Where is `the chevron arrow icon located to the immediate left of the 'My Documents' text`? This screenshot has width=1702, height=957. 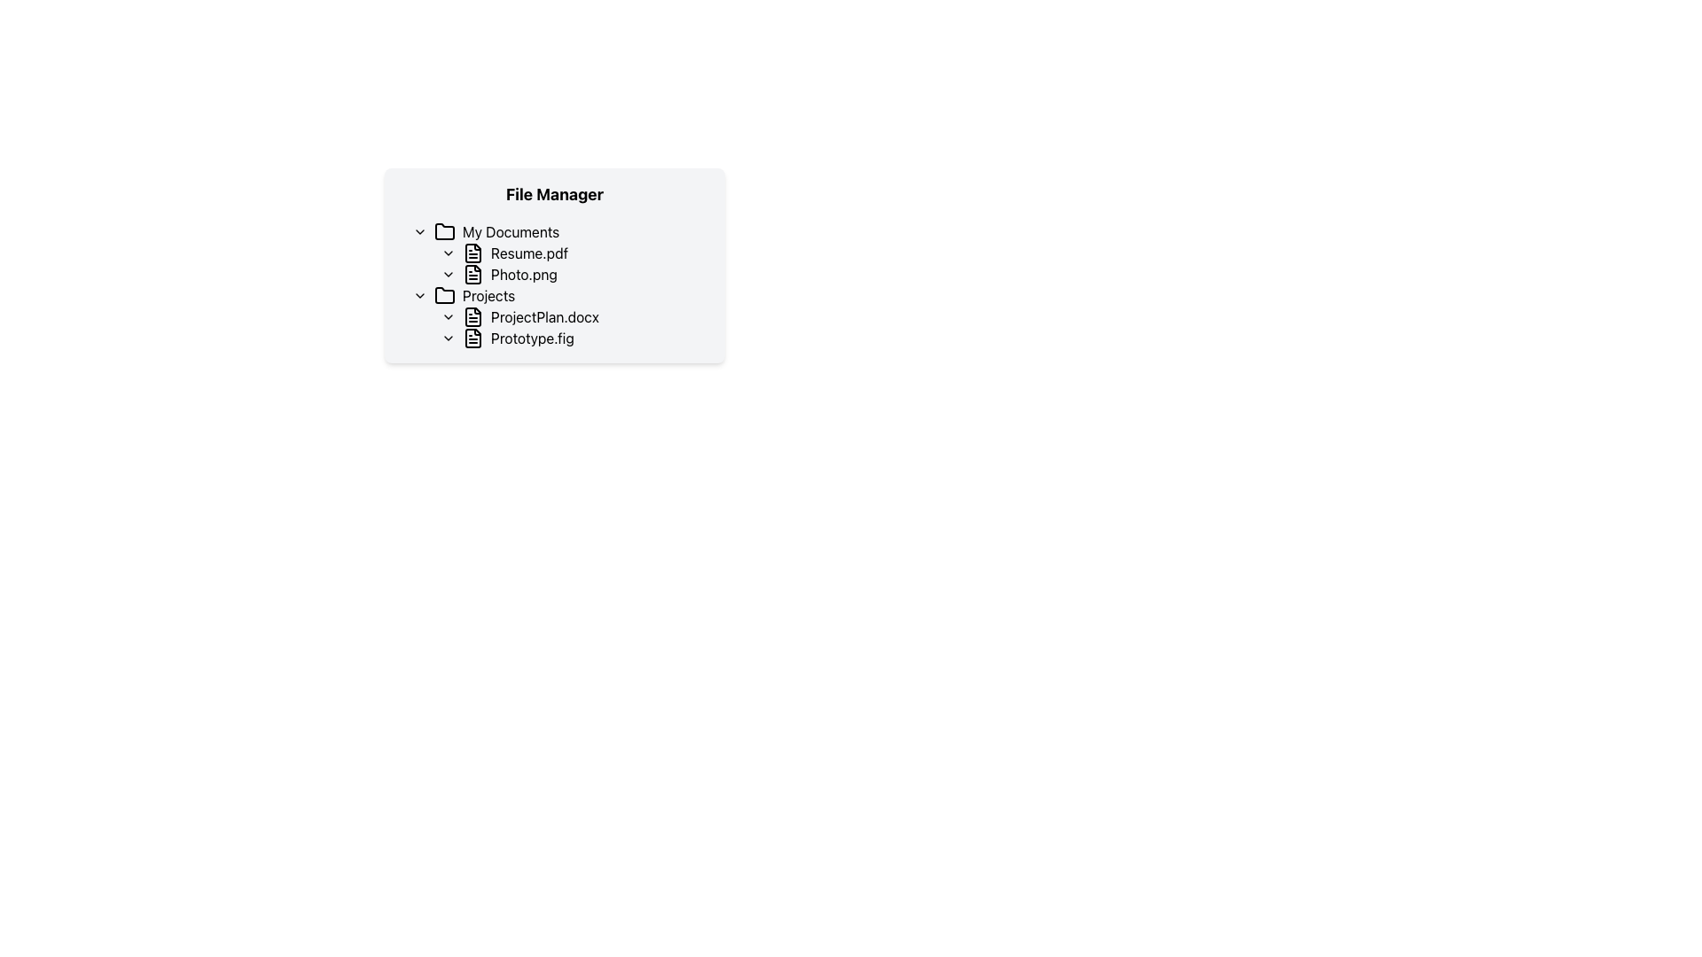
the chevron arrow icon located to the immediate left of the 'My Documents' text is located at coordinates (419, 231).